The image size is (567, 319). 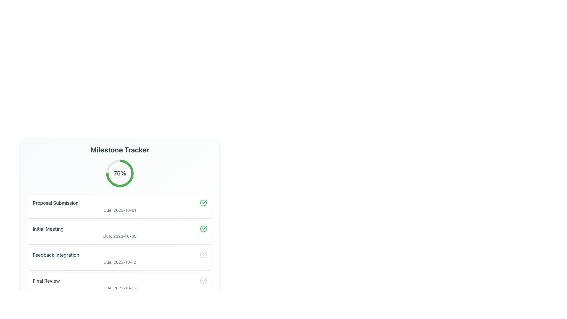 What do you see at coordinates (120, 173) in the screenshot?
I see `the Circular Progress Indicator displaying '75%' which is centrally located within the 'Milestone Tracker' interface` at bounding box center [120, 173].